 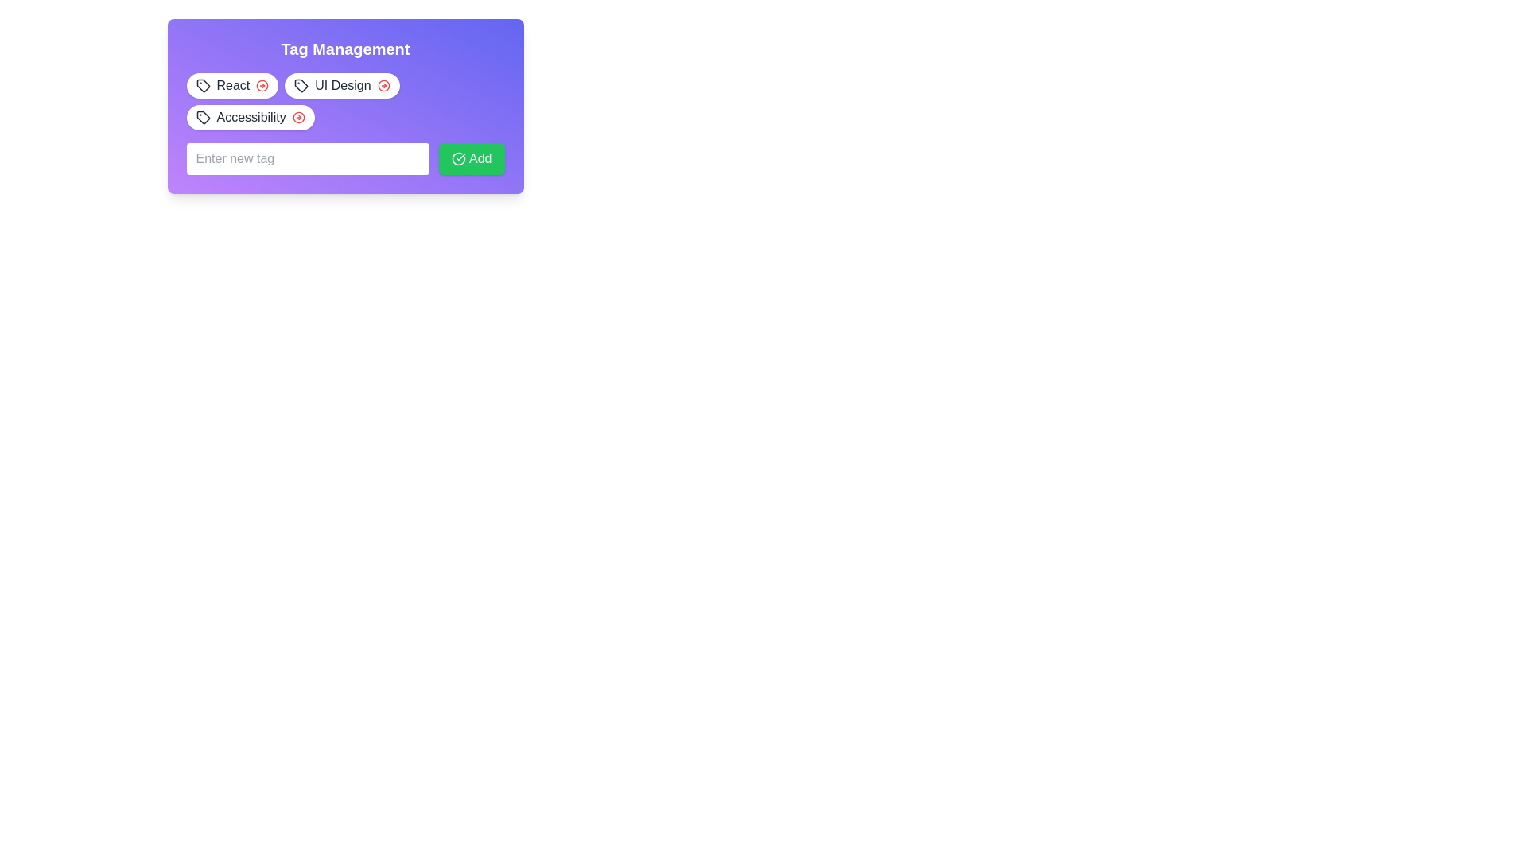 What do you see at coordinates (301, 86) in the screenshot?
I see `the tag icon representing 'UI Design', which is located to the left of the 'UI Design' text in the tag management section` at bounding box center [301, 86].